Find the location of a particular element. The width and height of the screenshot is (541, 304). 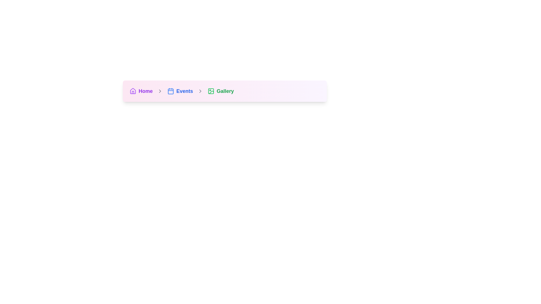

the right-facing chevron arrow icon that separates sections in the breadcrumb navigation interface, located to the right of the 'Events' breadcrumb is located at coordinates (159, 91).